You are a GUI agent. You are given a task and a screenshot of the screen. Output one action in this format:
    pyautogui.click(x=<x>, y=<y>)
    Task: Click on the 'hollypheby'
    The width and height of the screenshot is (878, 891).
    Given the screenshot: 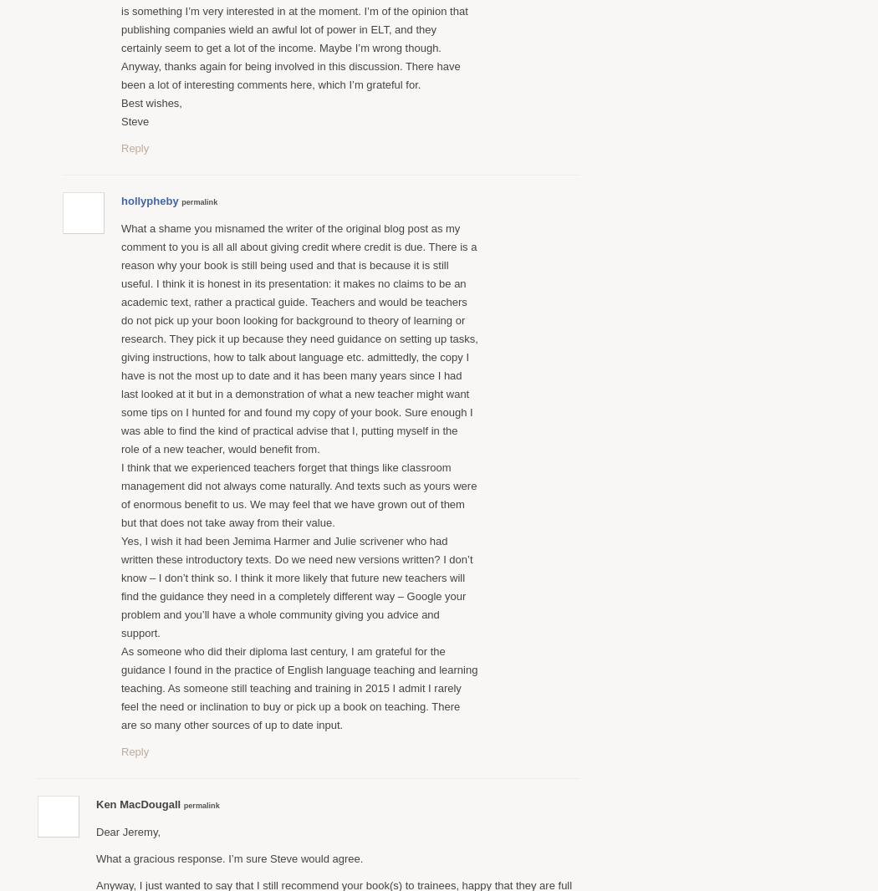 What is the action you would take?
    pyautogui.click(x=150, y=199)
    